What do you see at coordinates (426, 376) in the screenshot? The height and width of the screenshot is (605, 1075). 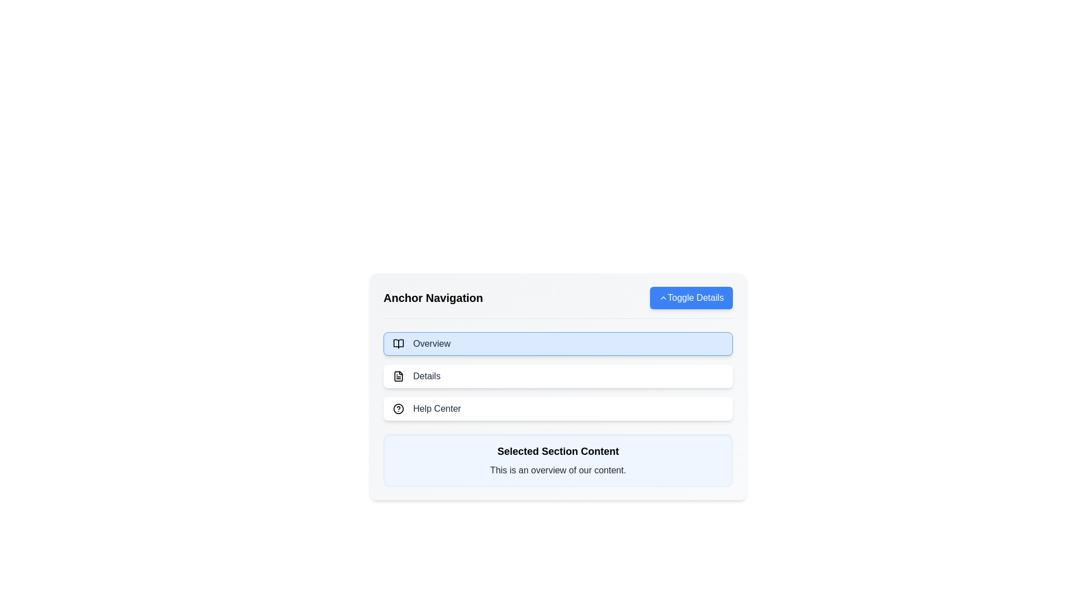 I see `the static text label positioned as the second item in the vertical list under the 'Anchor Navigation' header, which is located below 'Overview' and above 'Help Center'` at bounding box center [426, 376].